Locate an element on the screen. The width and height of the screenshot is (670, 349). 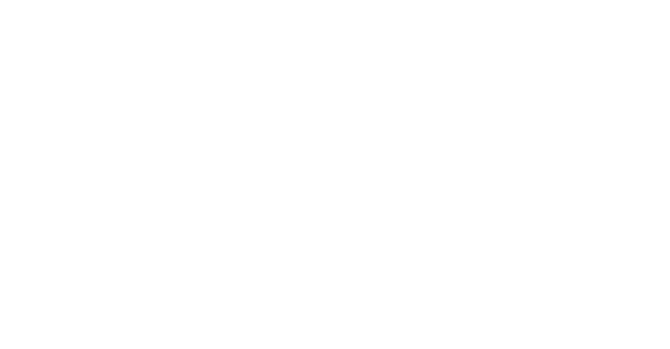
'Hauptinhalt' is located at coordinates (32, 22).